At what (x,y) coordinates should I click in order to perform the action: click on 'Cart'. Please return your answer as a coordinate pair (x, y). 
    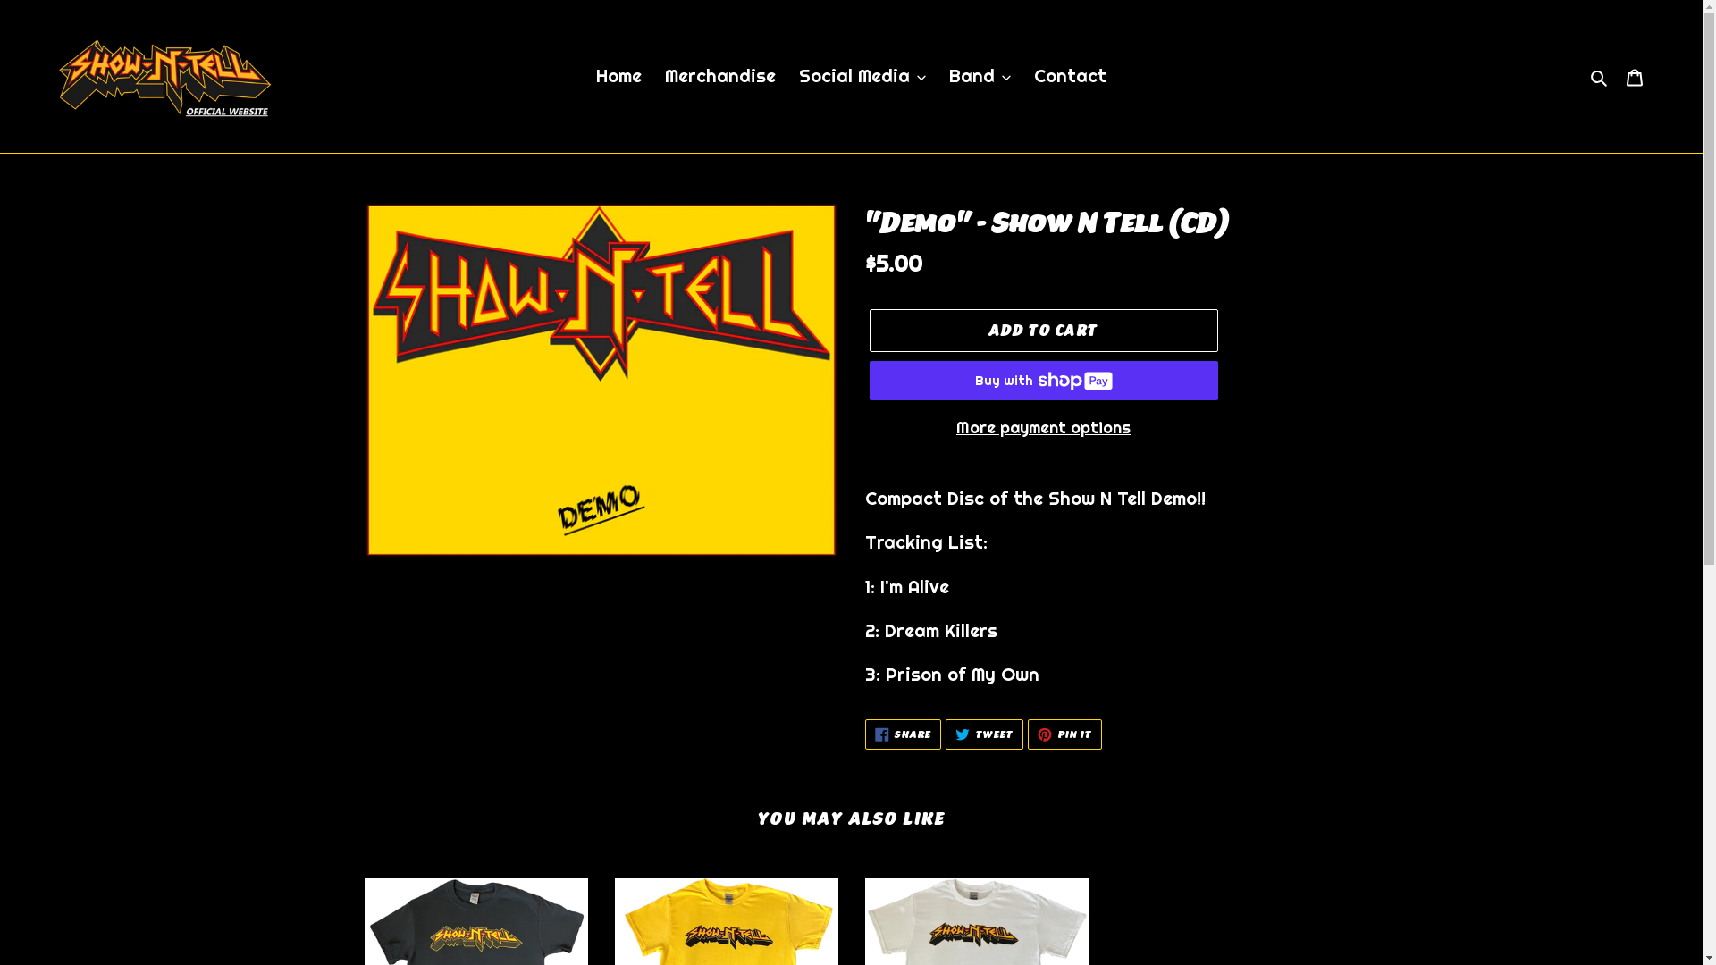
    Looking at the image, I should click on (1634, 74).